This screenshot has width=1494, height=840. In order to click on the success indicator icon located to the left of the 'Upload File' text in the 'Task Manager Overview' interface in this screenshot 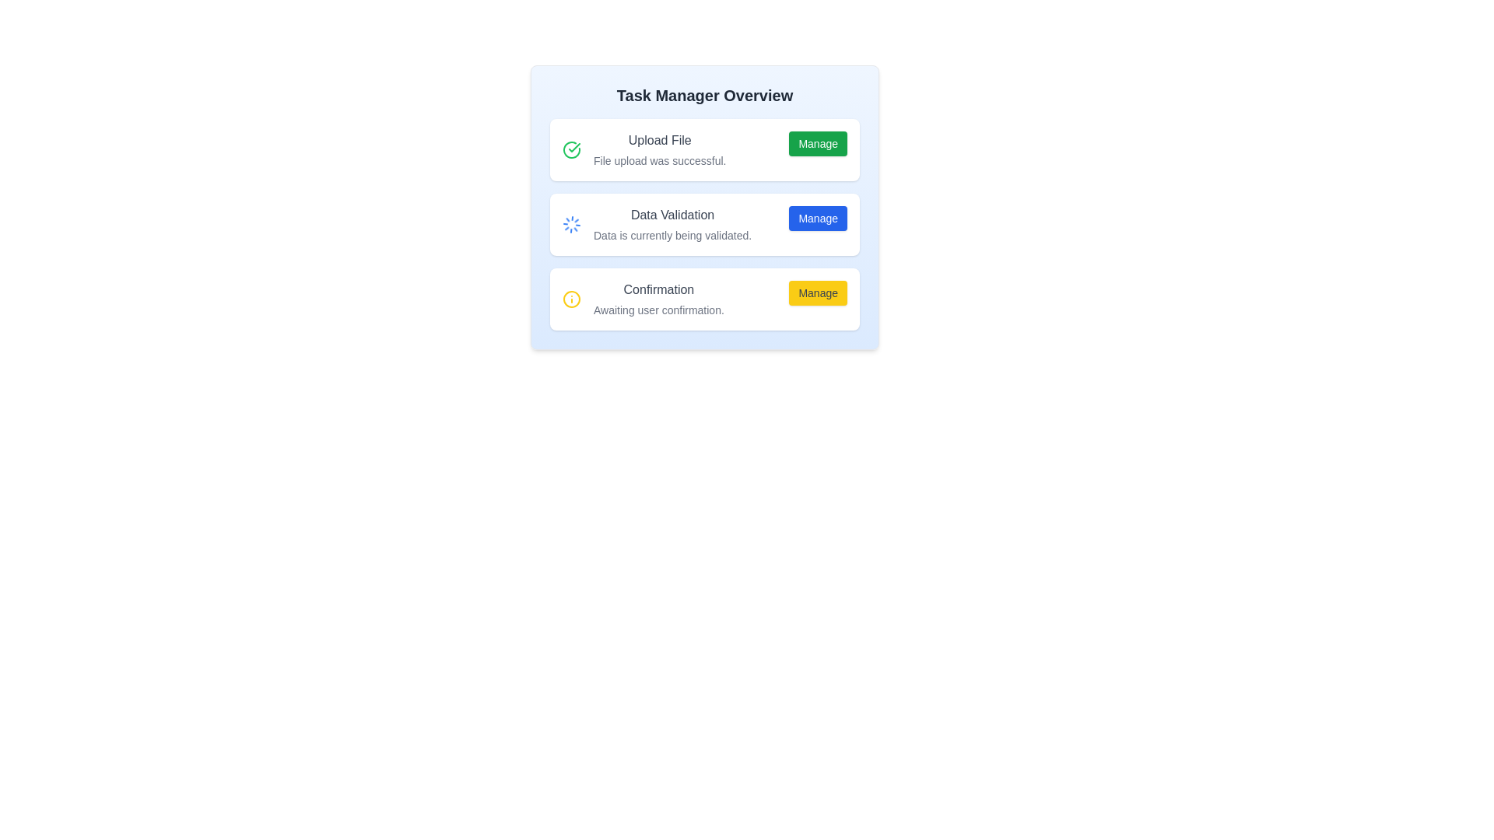, I will do `click(570, 149)`.